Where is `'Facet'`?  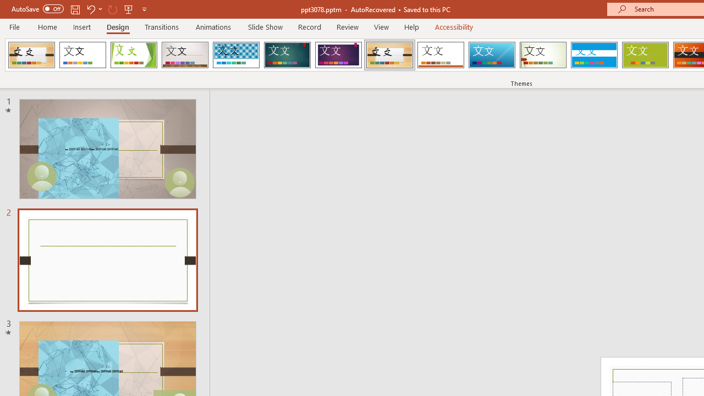 'Facet' is located at coordinates (133, 55).